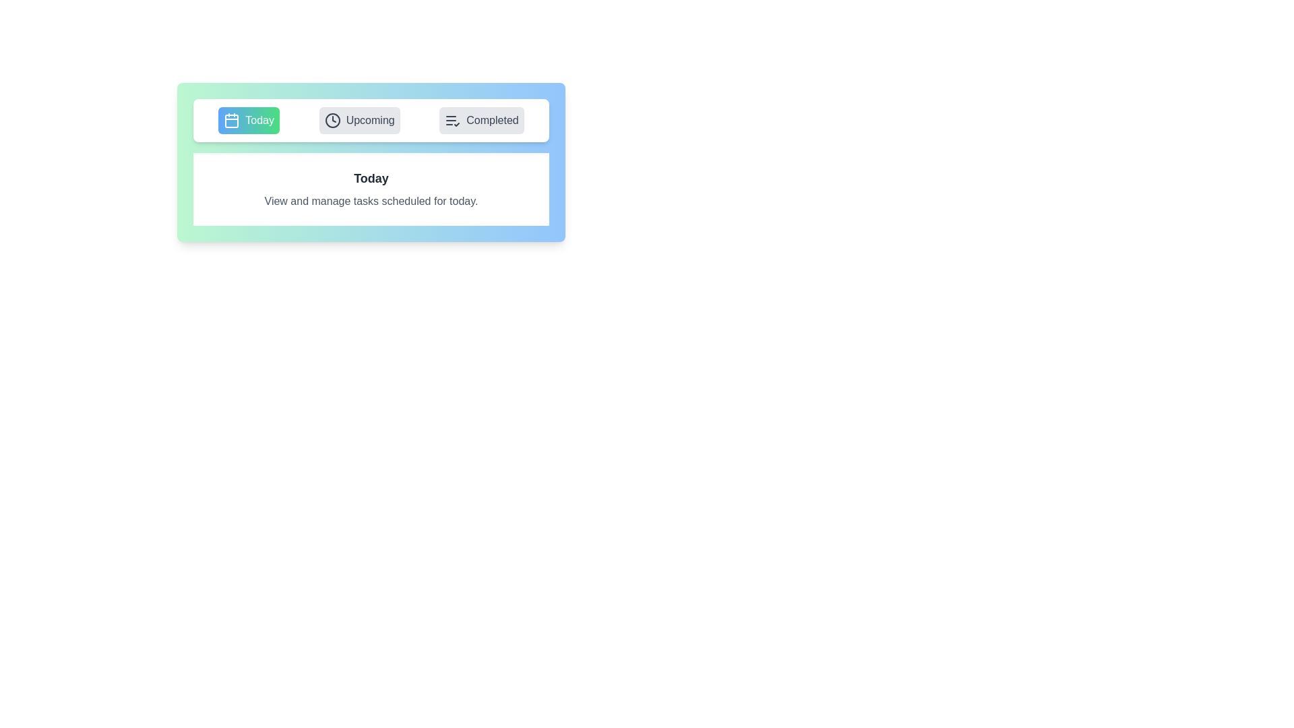 The width and height of the screenshot is (1294, 728). Describe the element at coordinates (359, 119) in the screenshot. I see `the Upcoming tab` at that location.